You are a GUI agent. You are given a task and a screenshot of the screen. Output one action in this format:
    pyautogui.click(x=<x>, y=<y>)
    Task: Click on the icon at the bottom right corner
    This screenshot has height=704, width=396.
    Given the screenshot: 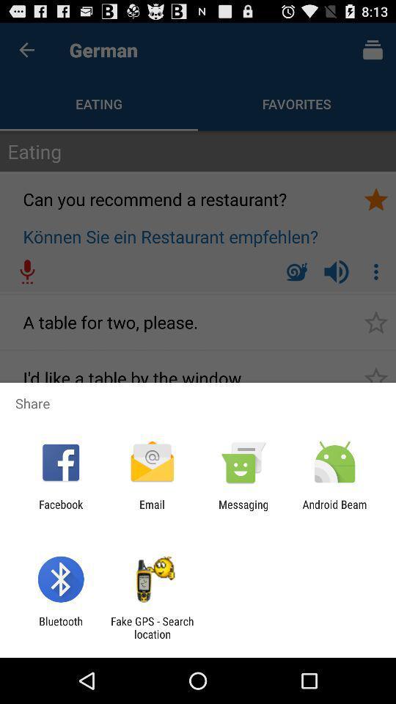 What is the action you would take?
    pyautogui.click(x=334, y=510)
    